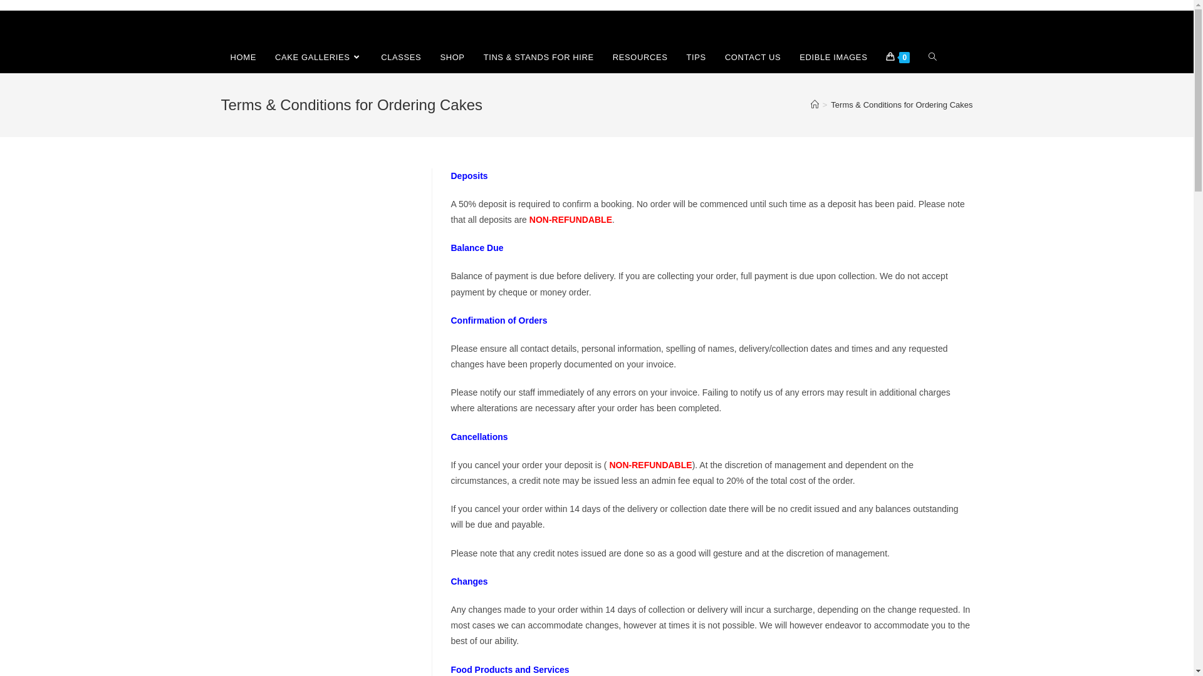 Image resolution: width=1203 pixels, height=676 pixels. What do you see at coordinates (278, 26) in the screenshot?
I see `'My Delicious Cake & Decorating Supplies'` at bounding box center [278, 26].